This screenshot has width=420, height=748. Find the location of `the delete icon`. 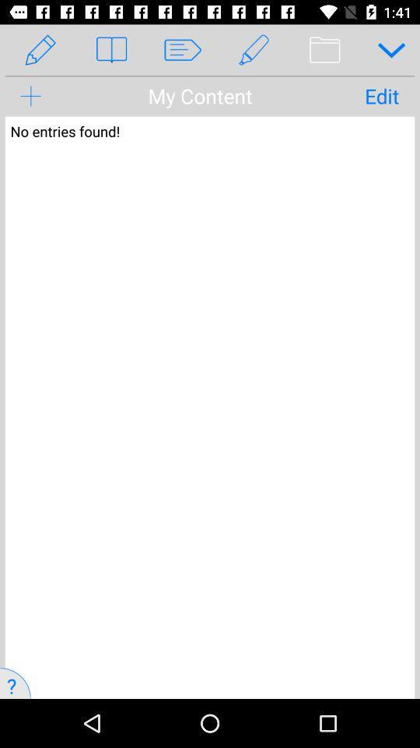

the delete icon is located at coordinates (324, 50).